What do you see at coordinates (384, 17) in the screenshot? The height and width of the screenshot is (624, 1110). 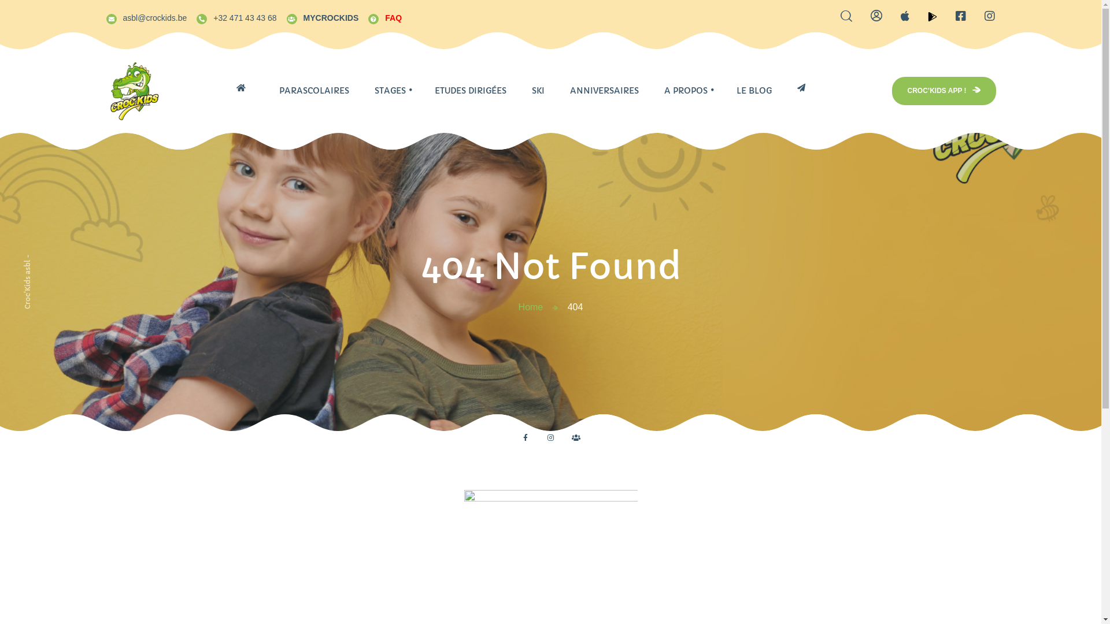 I see `'FAQ'` at bounding box center [384, 17].